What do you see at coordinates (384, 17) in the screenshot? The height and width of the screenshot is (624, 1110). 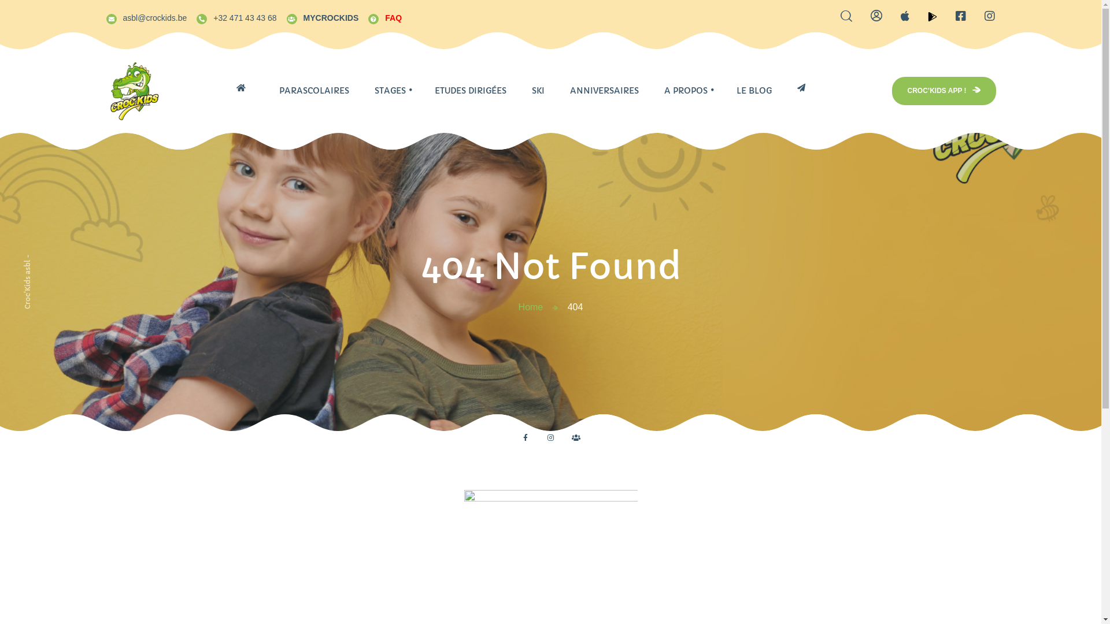 I see `'FAQ'` at bounding box center [384, 17].